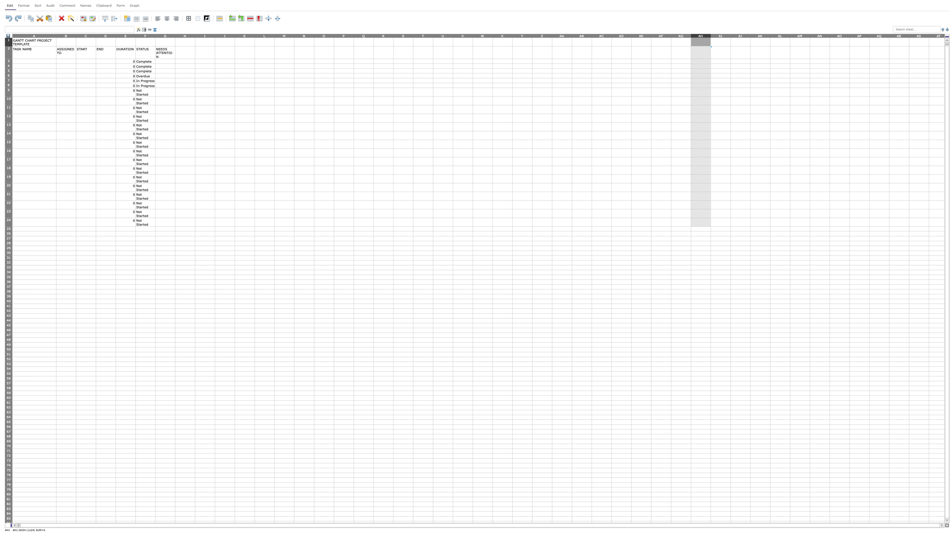  Describe the element at coordinates (730, 35) in the screenshot. I see `Place cursor on column AI's resize area` at that location.